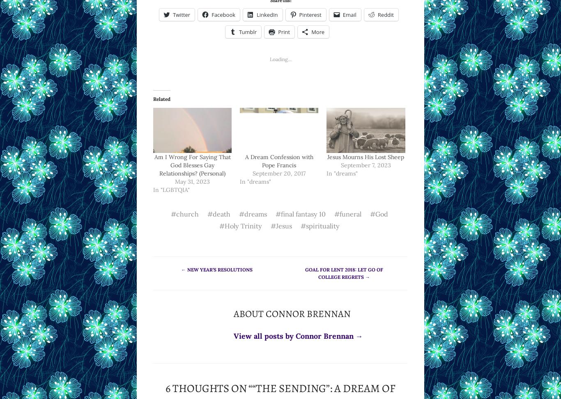  I want to click on 'Related', so click(161, 98).